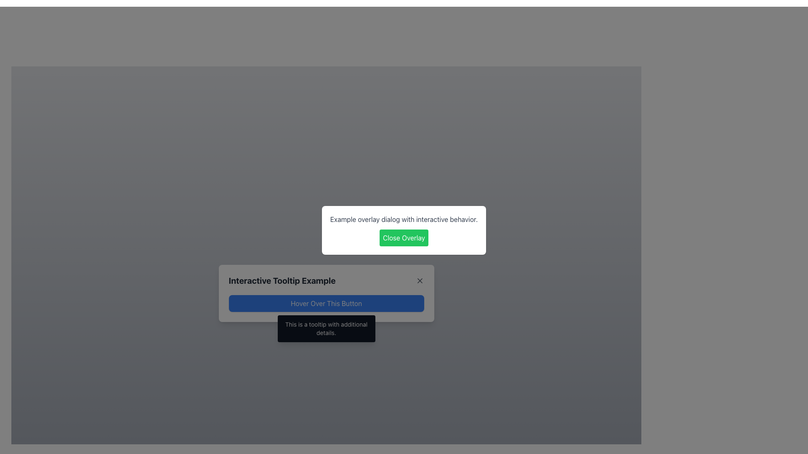  Describe the element at coordinates (404, 230) in the screenshot. I see `the green button with white text in the modal dialog box` at that location.